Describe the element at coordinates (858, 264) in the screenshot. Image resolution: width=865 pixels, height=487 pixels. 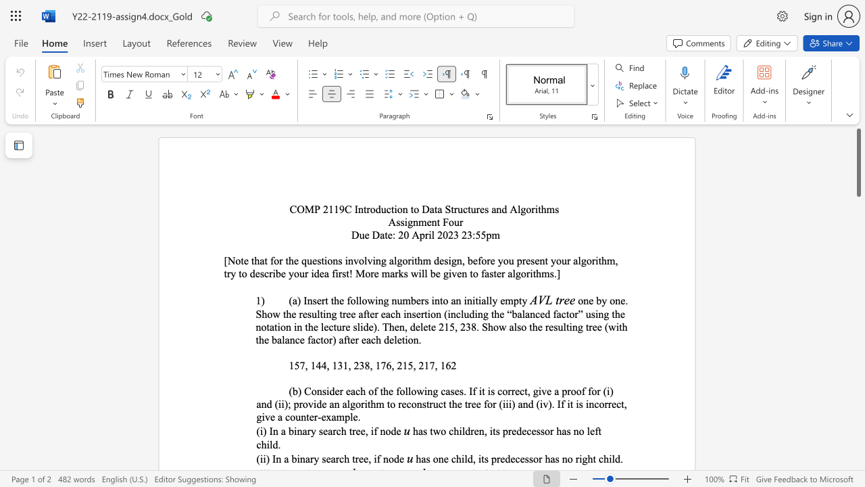
I see `the scrollbar to move the view down` at that location.